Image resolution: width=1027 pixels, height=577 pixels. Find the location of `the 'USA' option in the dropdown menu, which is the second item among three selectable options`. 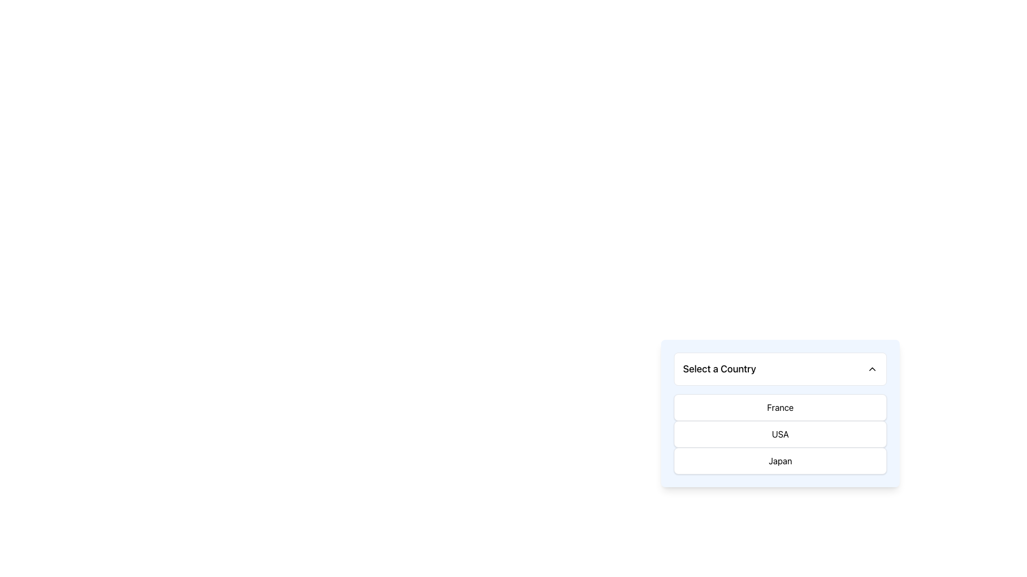

the 'USA' option in the dropdown menu, which is the second item among three selectable options is located at coordinates (780, 443).